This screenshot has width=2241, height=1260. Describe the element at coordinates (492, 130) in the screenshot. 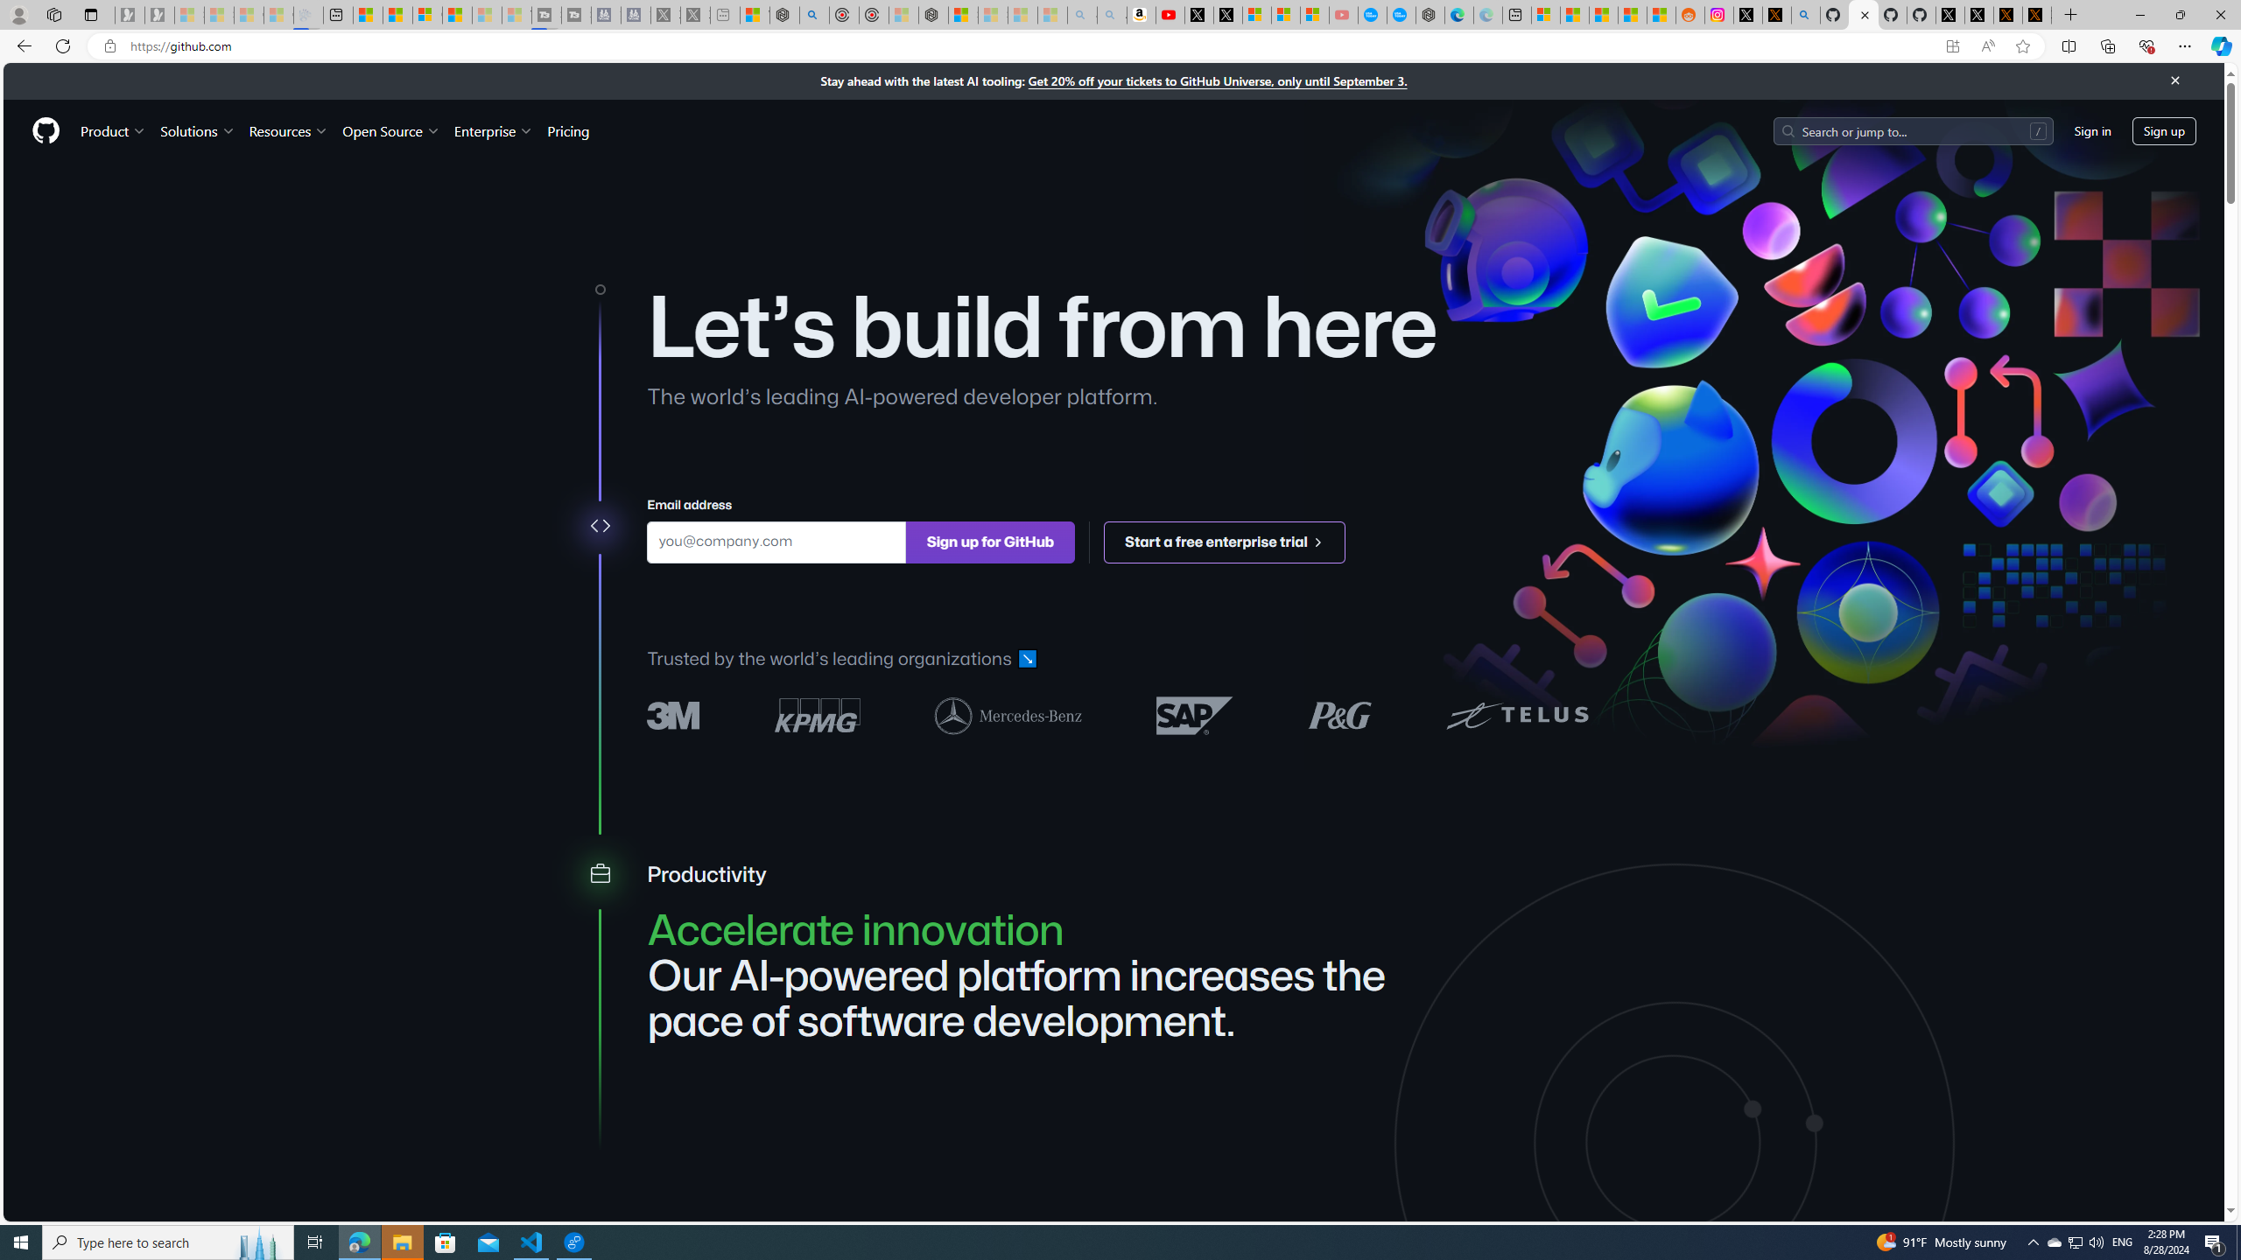

I see `'Enterprise'` at that location.